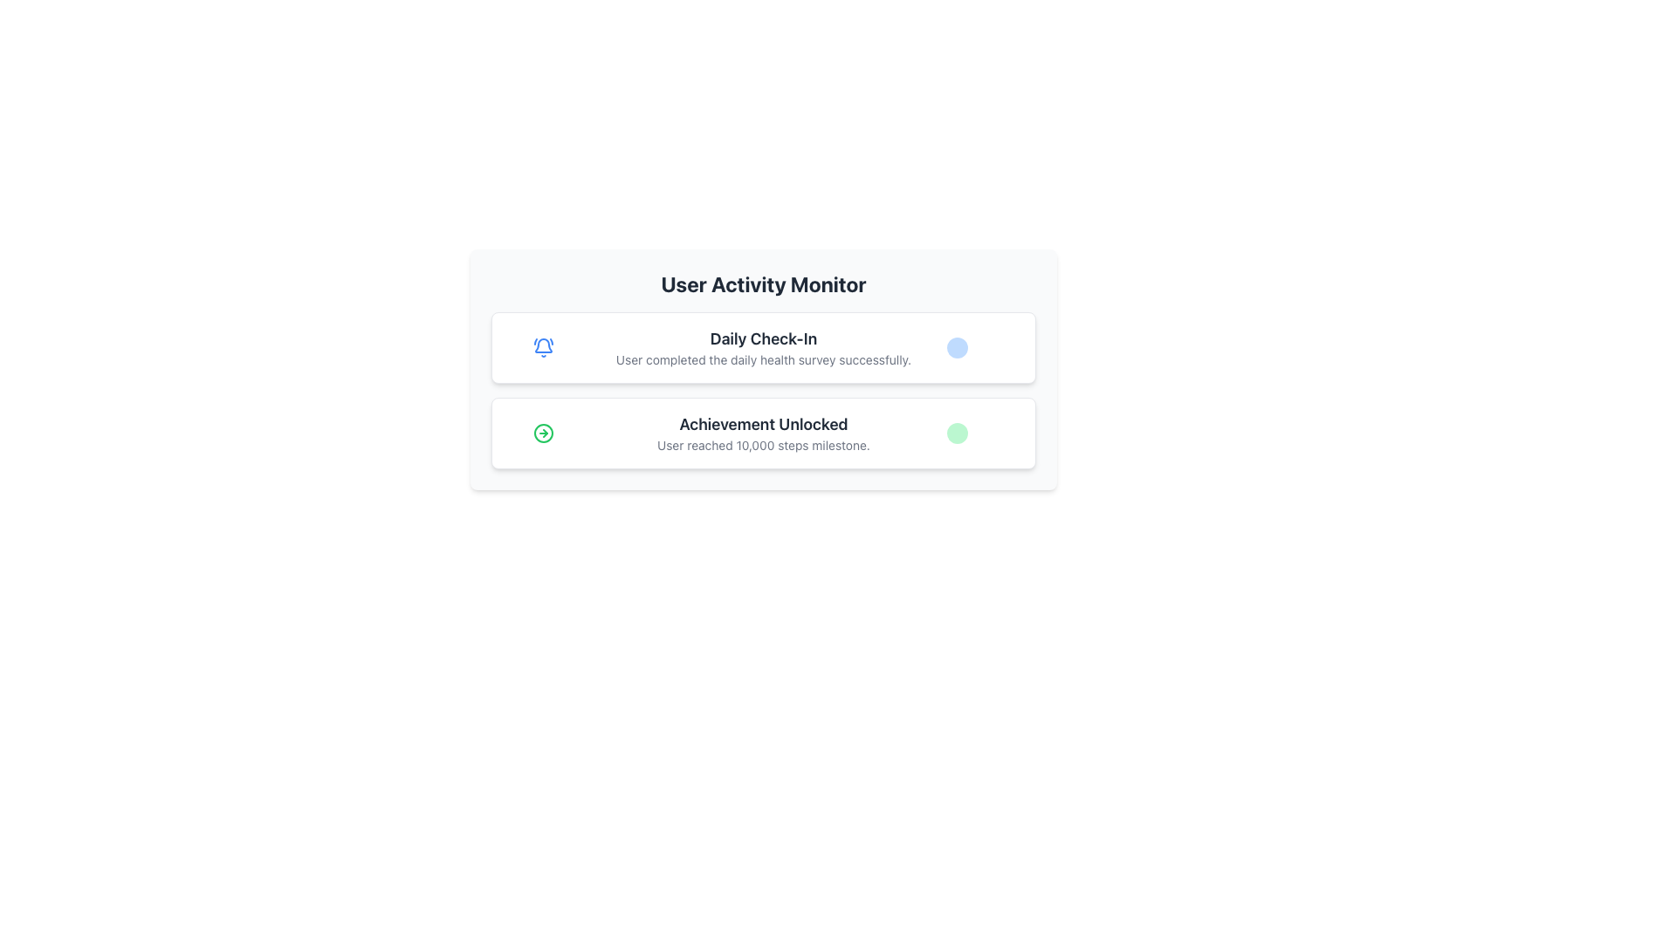 The image size is (1676, 942). I want to click on the Text Label indicating achievement status located in the second card of the 'User Activity Monitor' section, which is the topmost line of text above the description 'User reached 10,000 steps milestone.', so click(763, 424).